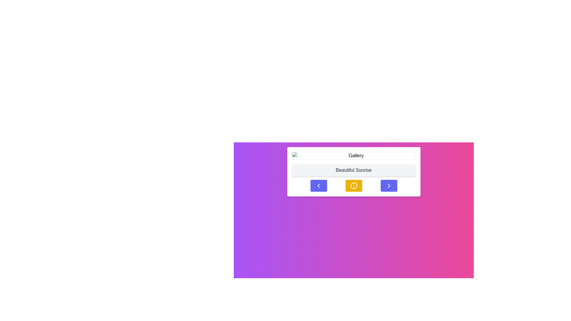 Image resolution: width=571 pixels, height=321 pixels. Describe the element at coordinates (354, 170) in the screenshot. I see `the Text Display element located below the 'Gallery' image placeholder and above the row of buttons` at that location.